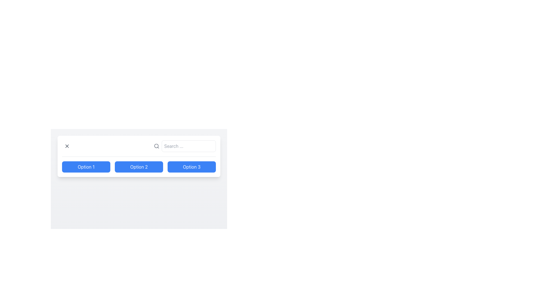 This screenshot has height=303, width=539. I want to click on the rectangular button with a blue background and white text reading 'Option 1', so click(86, 166).